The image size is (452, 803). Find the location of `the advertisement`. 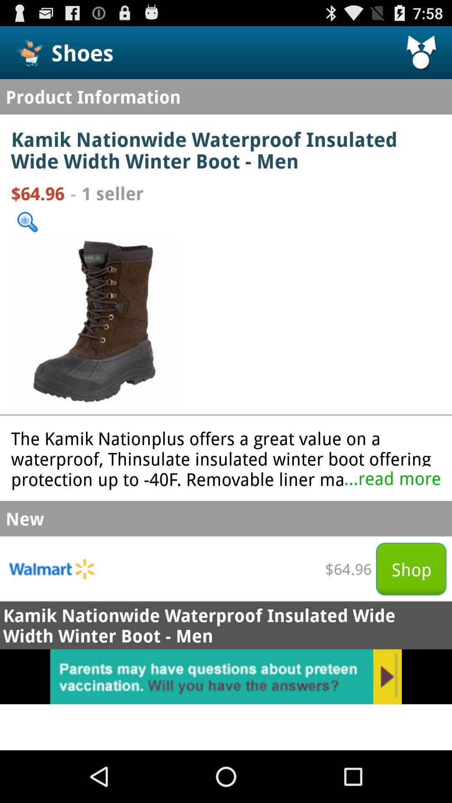

the advertisement is located at coordinates (226, 677).